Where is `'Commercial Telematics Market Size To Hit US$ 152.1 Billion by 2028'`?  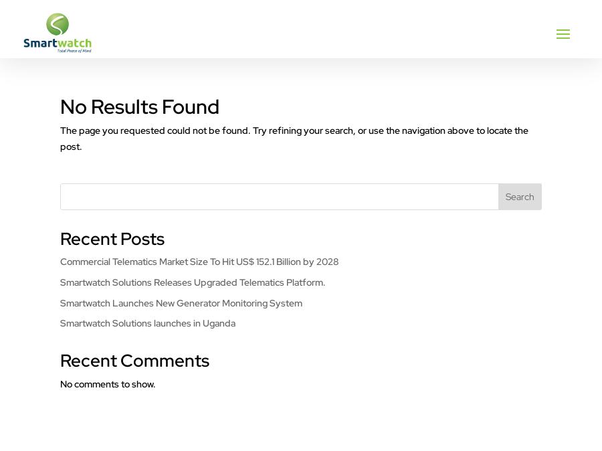
'Commercial Telematics Market Size To Hit US$ 152.1 Billion by 2028' is located at coordinates (199, 260).